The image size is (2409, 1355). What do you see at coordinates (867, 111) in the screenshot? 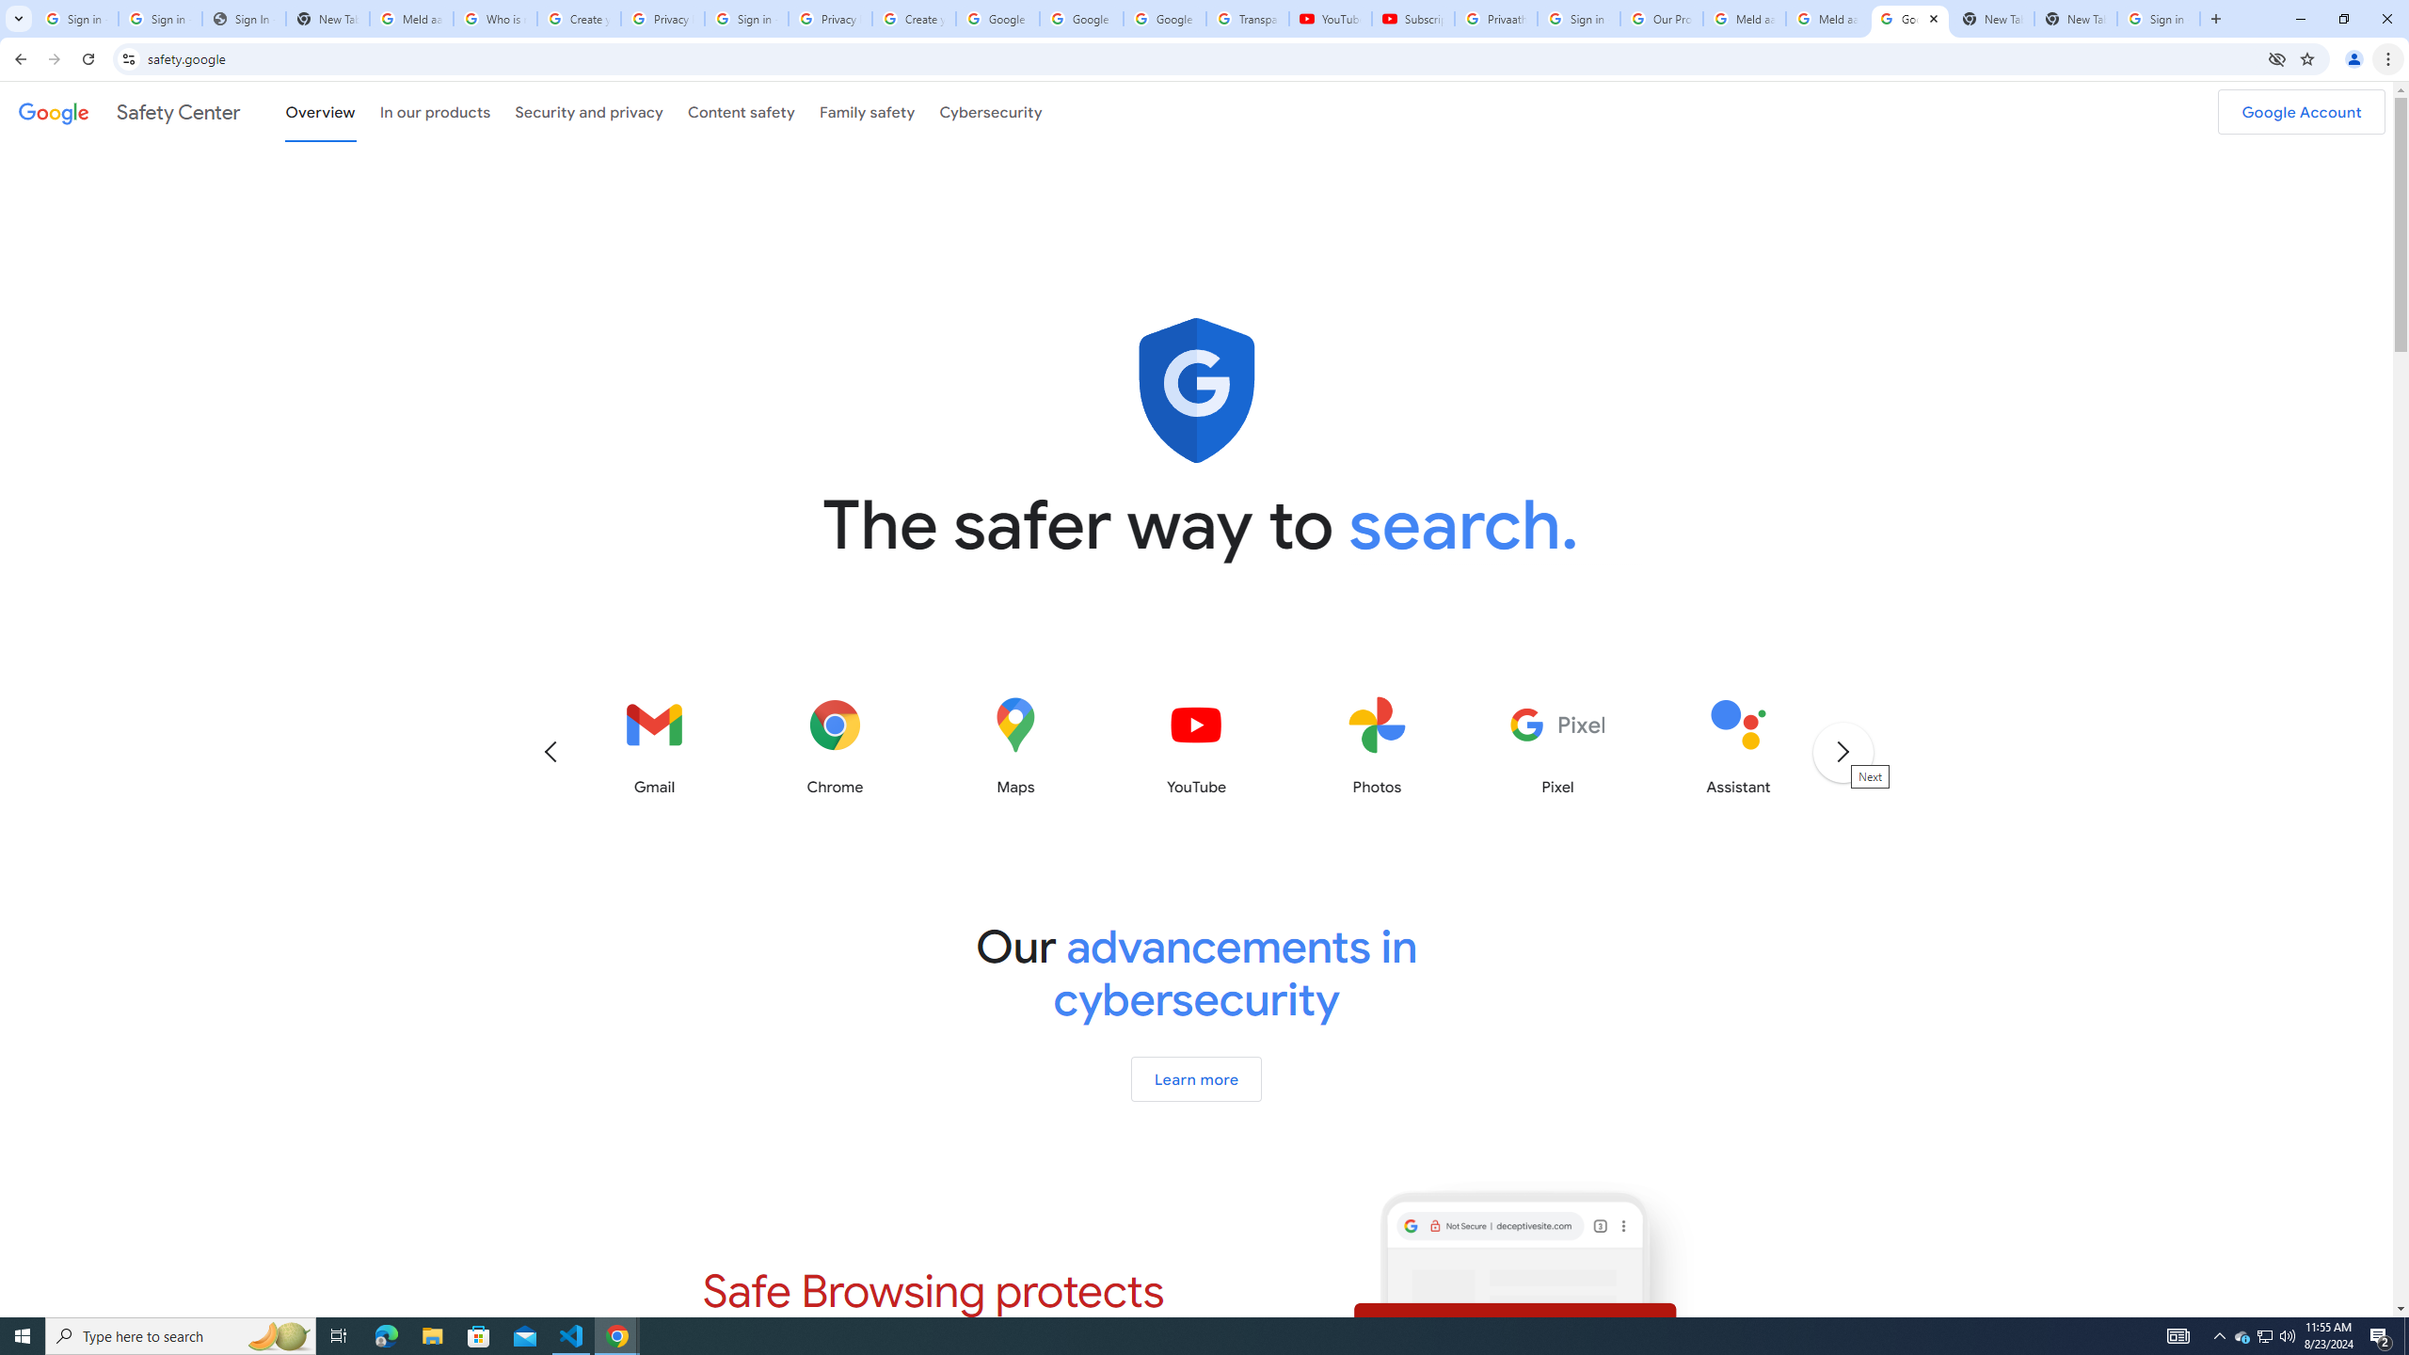
I see `'Family safety'` at bounding box center [867, 111].